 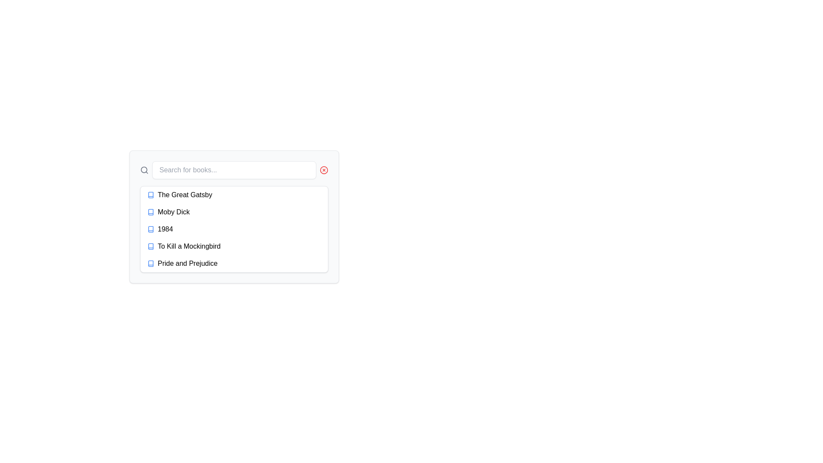 What do you see at coordinates (234, 229) in the screenshot?
I see `the selectable list item for the book titled '1984'` at bounding box center [234, 229].